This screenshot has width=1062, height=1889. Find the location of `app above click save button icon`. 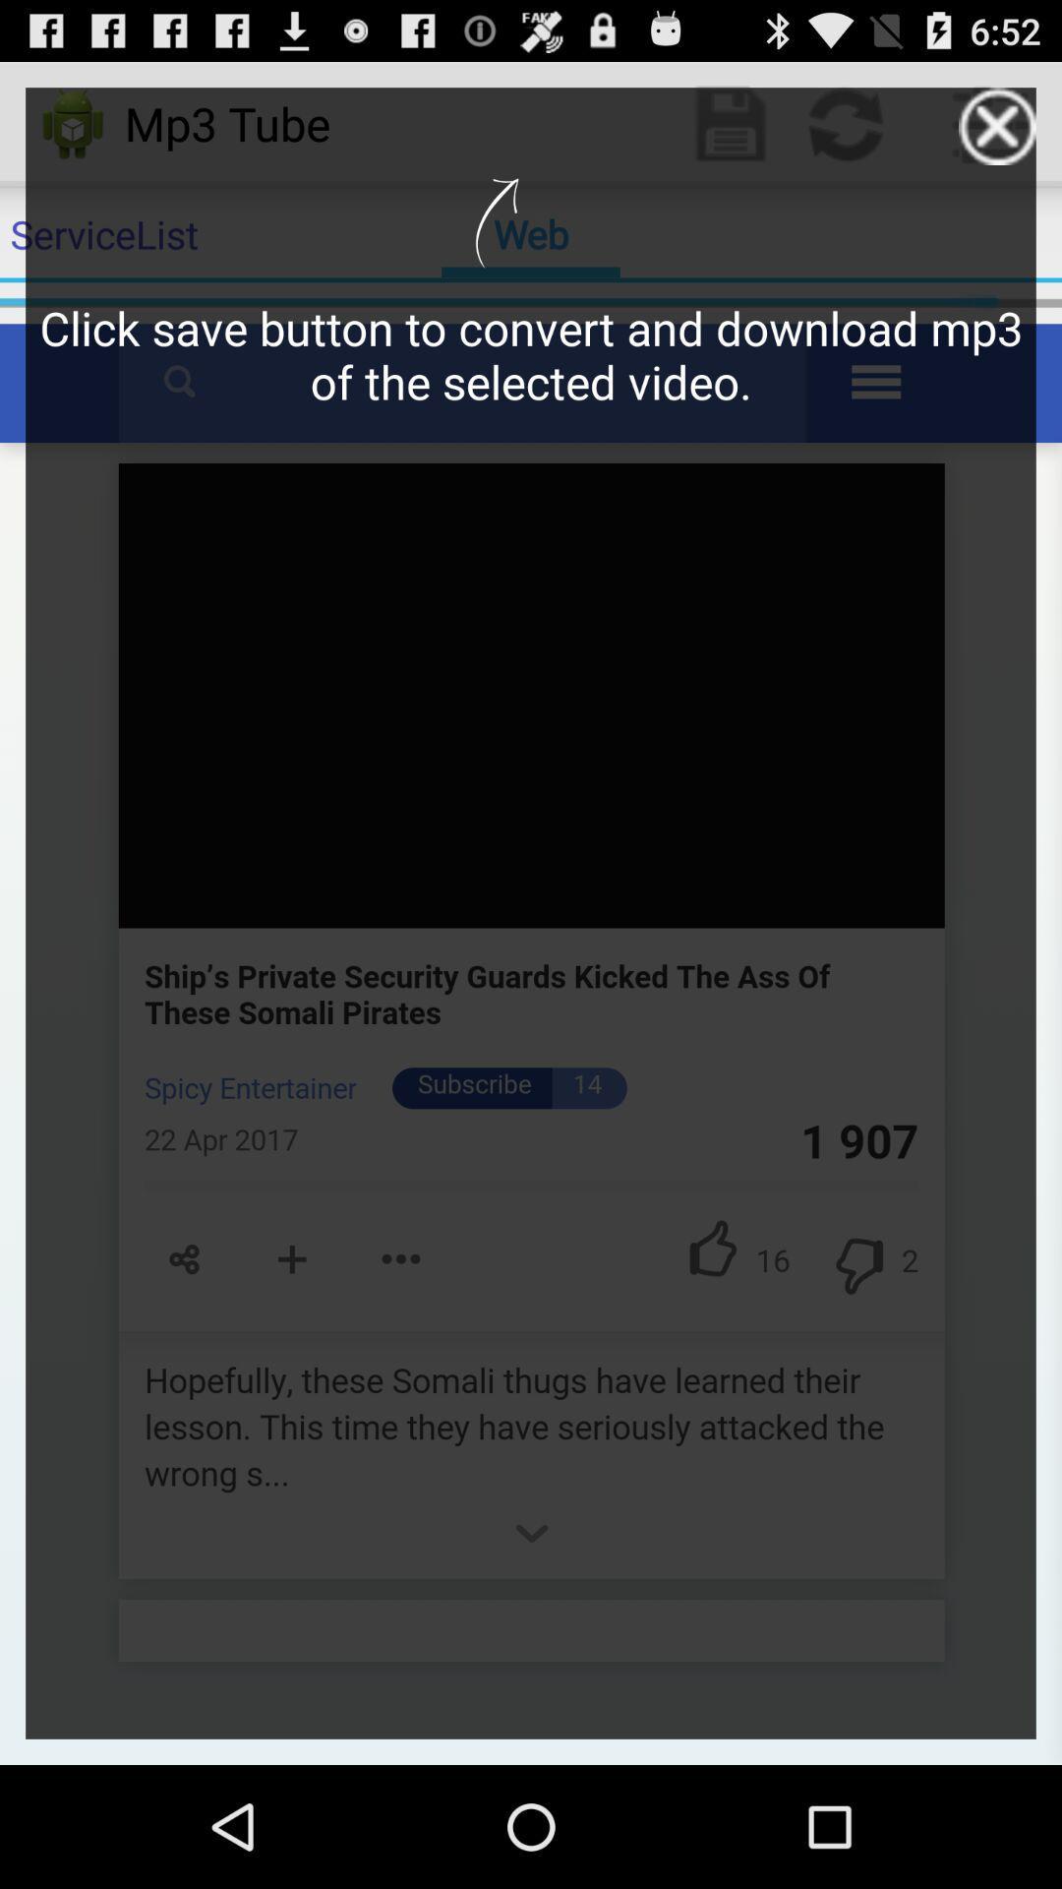

app above click save button icon is located at coordinates (997, 125).